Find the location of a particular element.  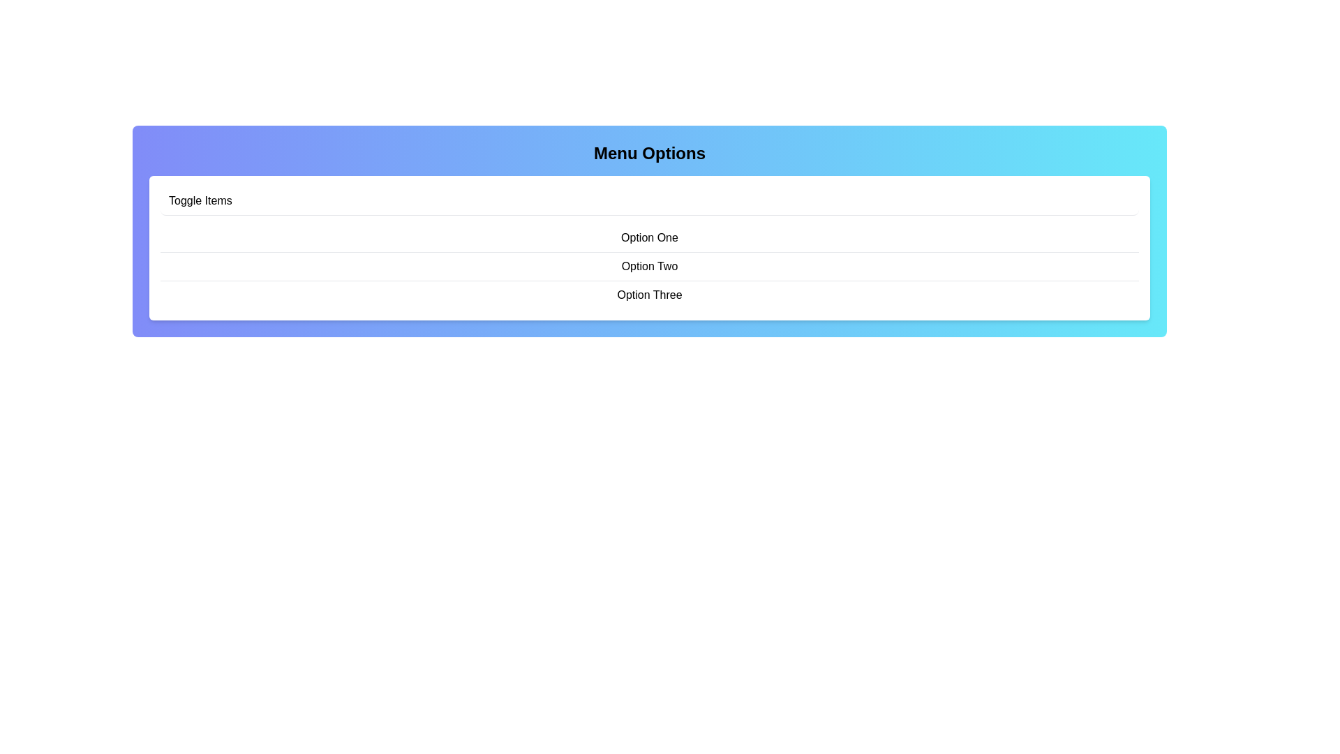

the menu option Option Two is located at coordinates (649, 266).